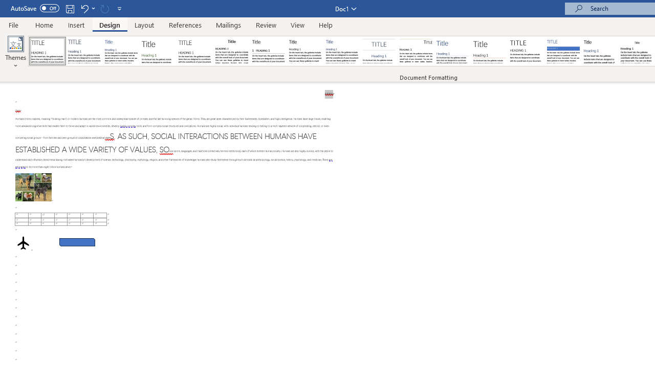 The image size is (655, 368). What do you see at coordinates (33, 187) in the screenshot?
I see `'Morphological variation in six dogs'` at bounding box center [33, 187].